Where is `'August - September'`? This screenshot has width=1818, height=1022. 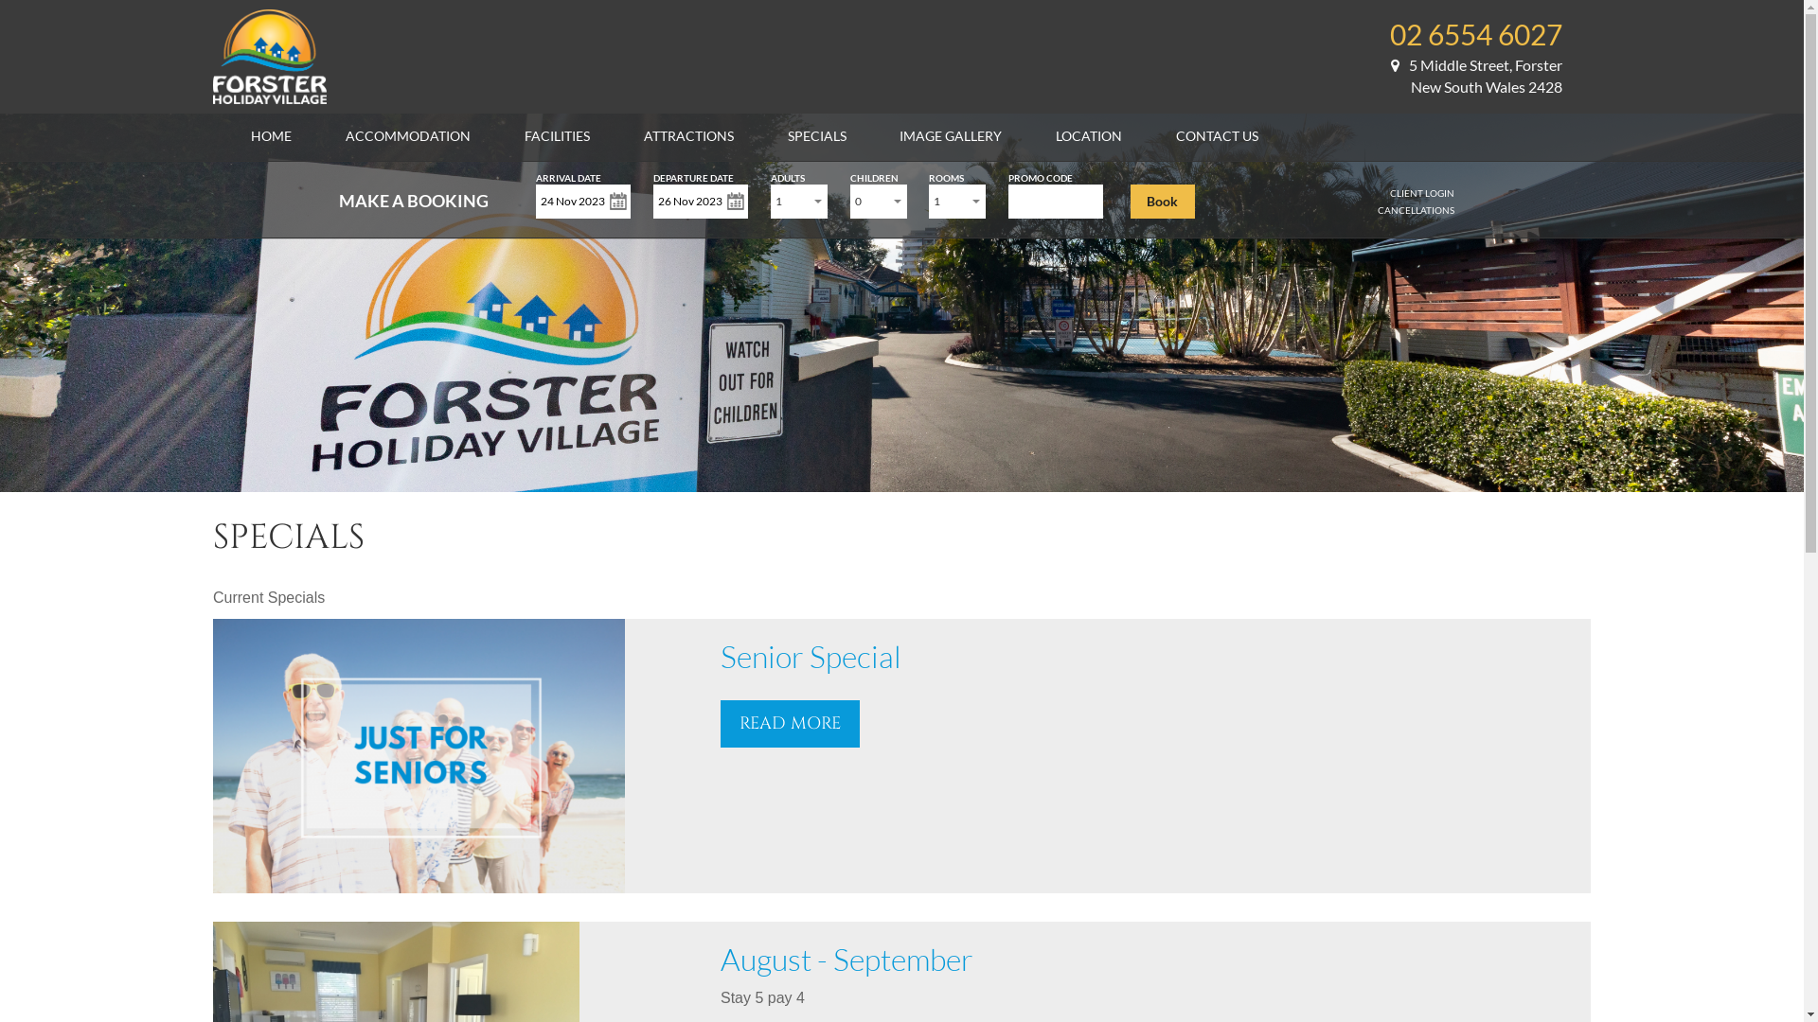 'August - September' is located at coordinates (846, 959).